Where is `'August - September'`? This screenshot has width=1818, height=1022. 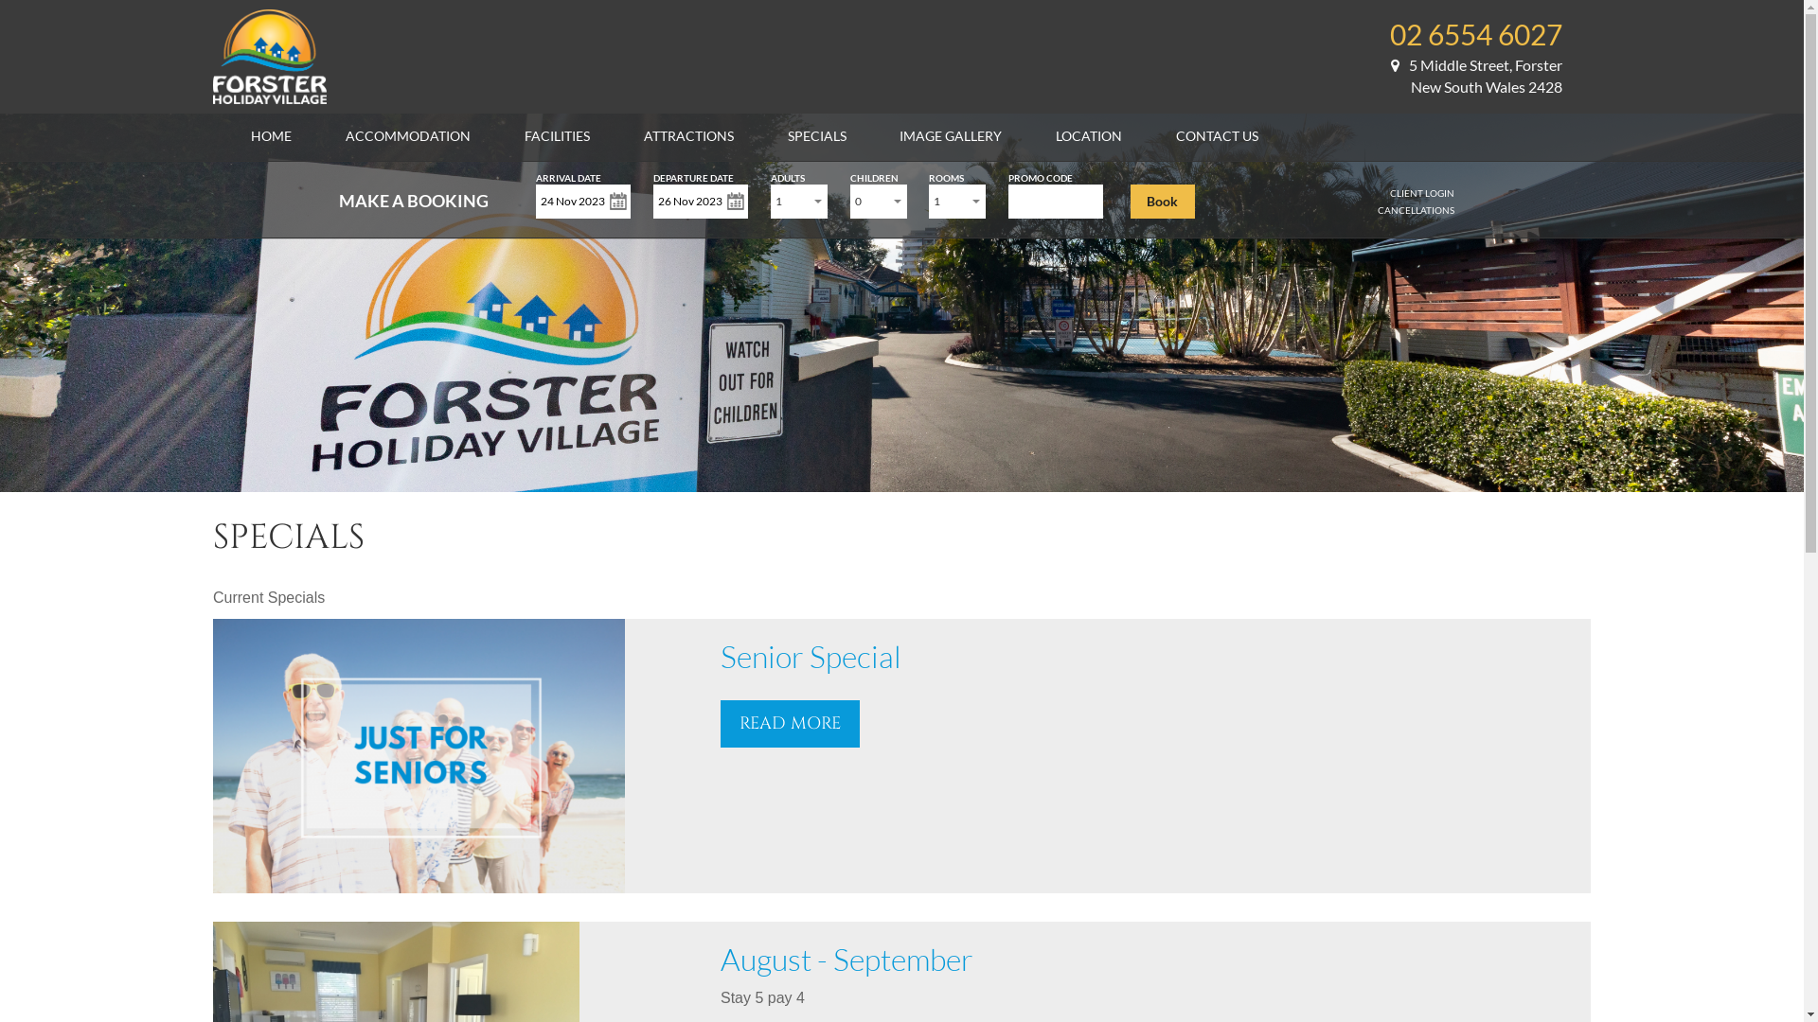 'August - September' is located at coordinates (846, 959).